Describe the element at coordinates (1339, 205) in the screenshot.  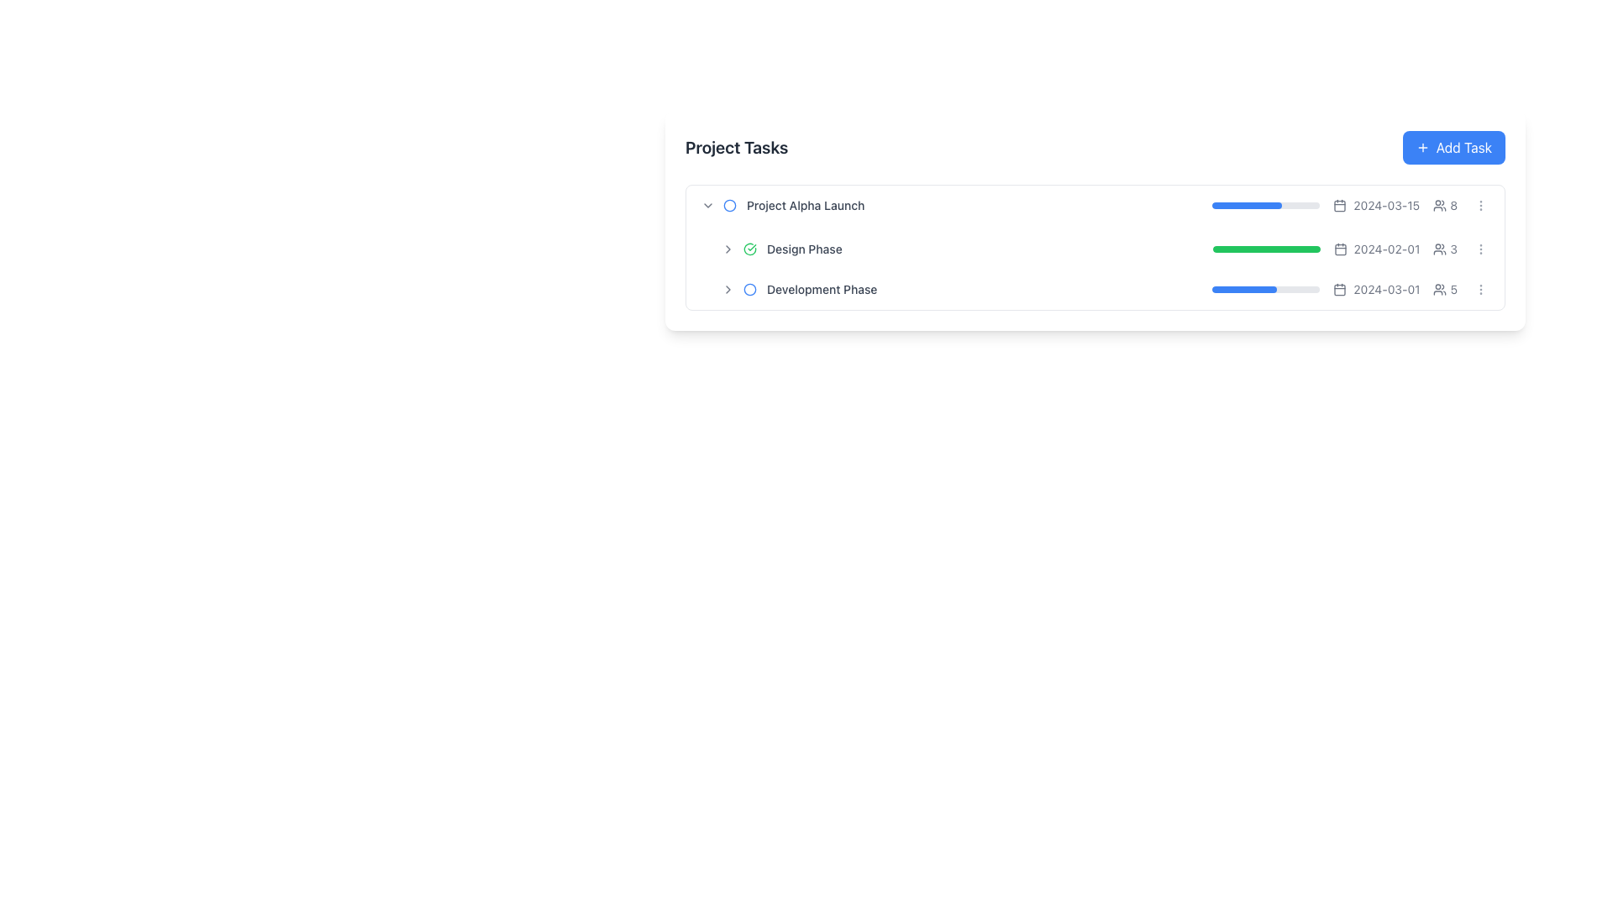
I see `the decorative element within the calendar icon located to the right of the 'Design Phase' task` at that location.